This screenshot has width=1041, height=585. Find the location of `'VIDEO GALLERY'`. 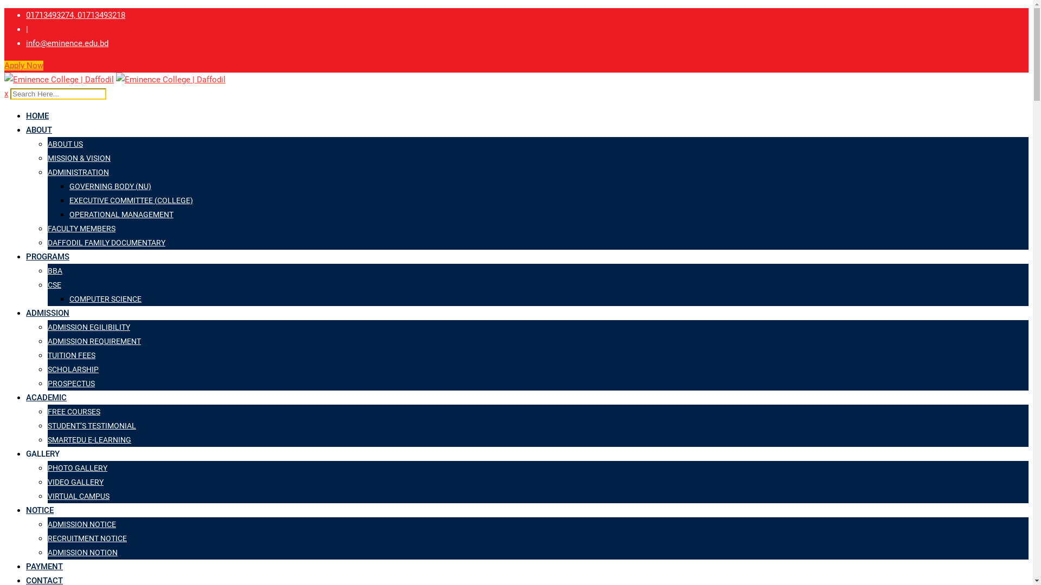

'VIDEO GALLERY' is located at coordinates (75, 482).